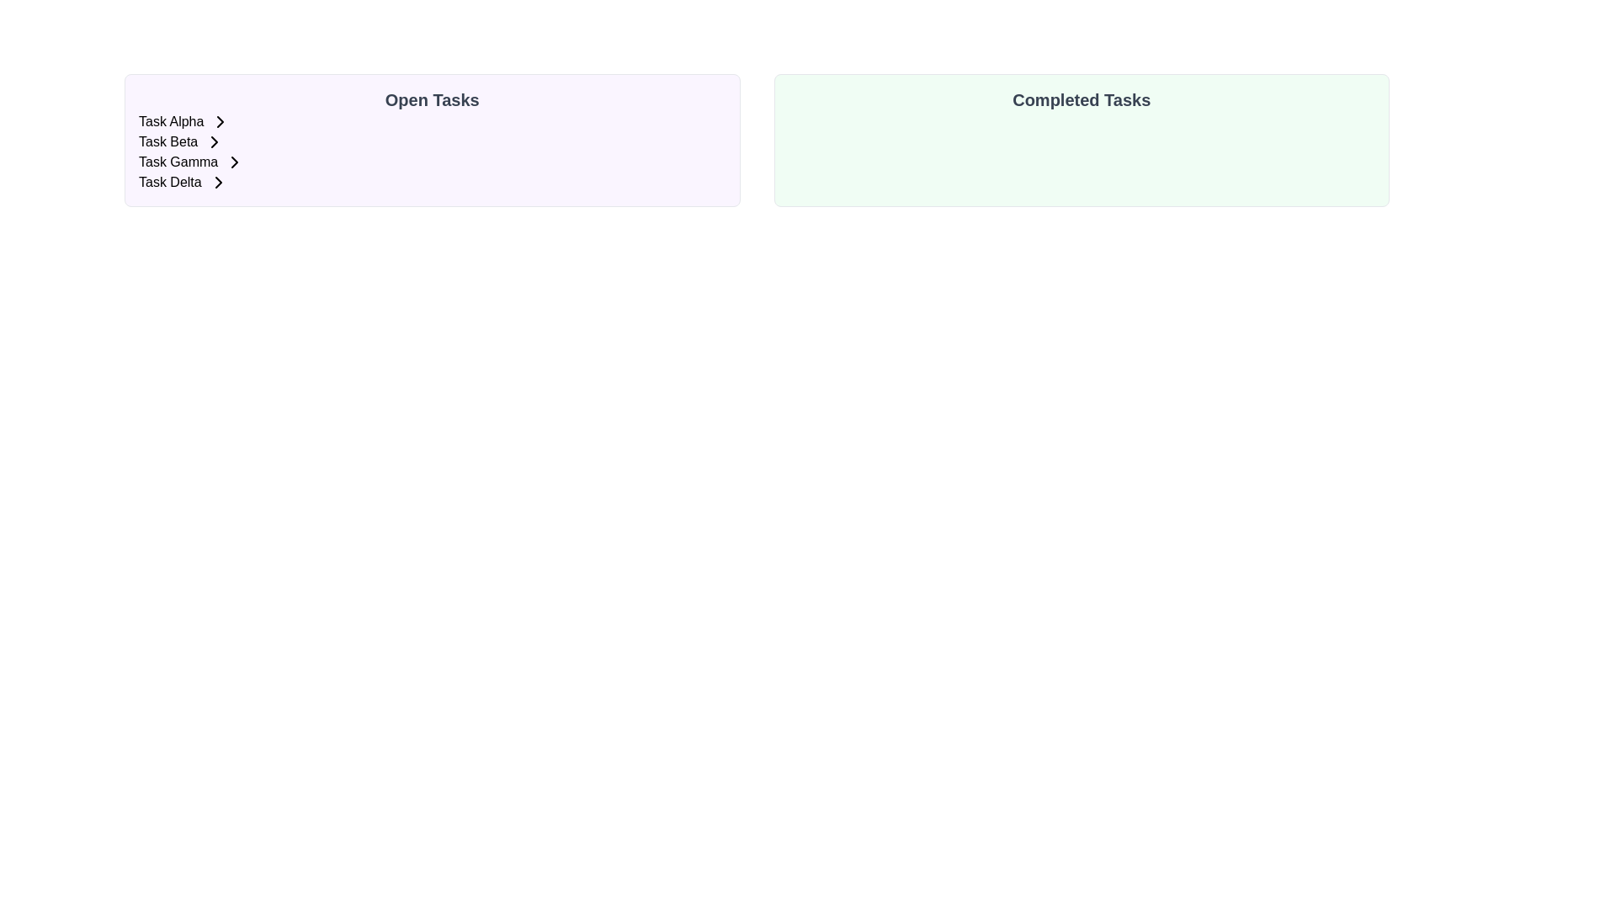 Image resolution: width=1616 pixels, height=909 pixels. Describe the element at coordinates (213, 141) in the screenshot. I see `right-chevron button beside the task Task Beta to move it to 'Completed Tasks'` at that location.